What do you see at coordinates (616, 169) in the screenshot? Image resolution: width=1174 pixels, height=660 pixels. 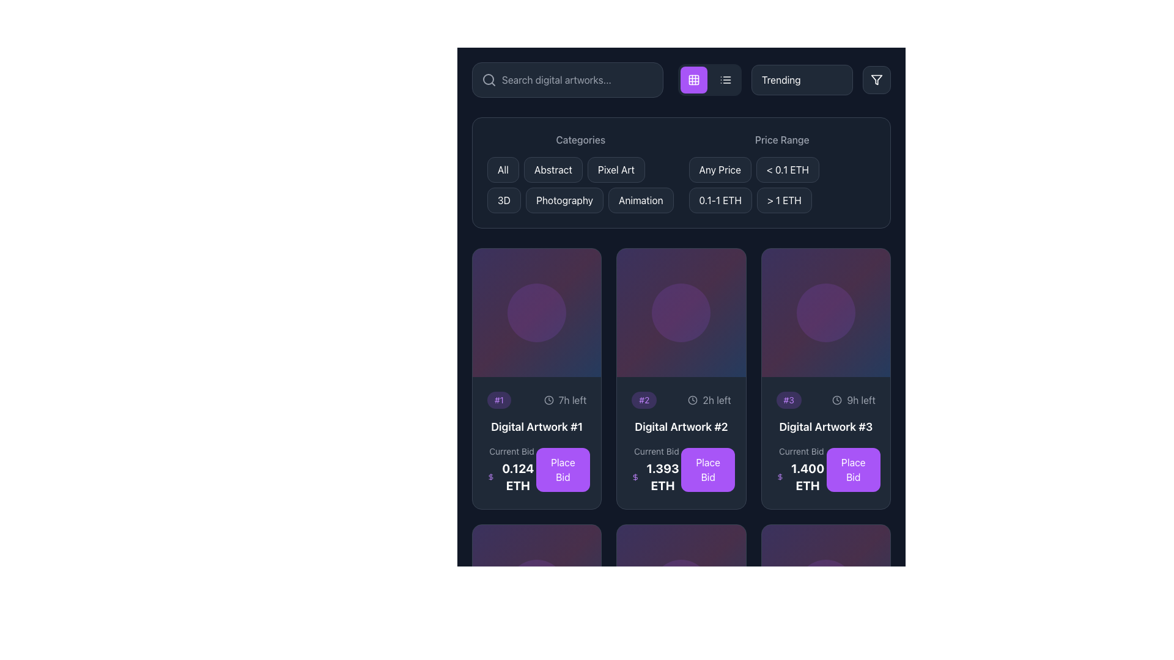 I see `the 'Pixel Art' button, which is a rectangular button with rounded corners and a dark gray background, located in the category filter section of the UI` at bounding box center [616, 169].